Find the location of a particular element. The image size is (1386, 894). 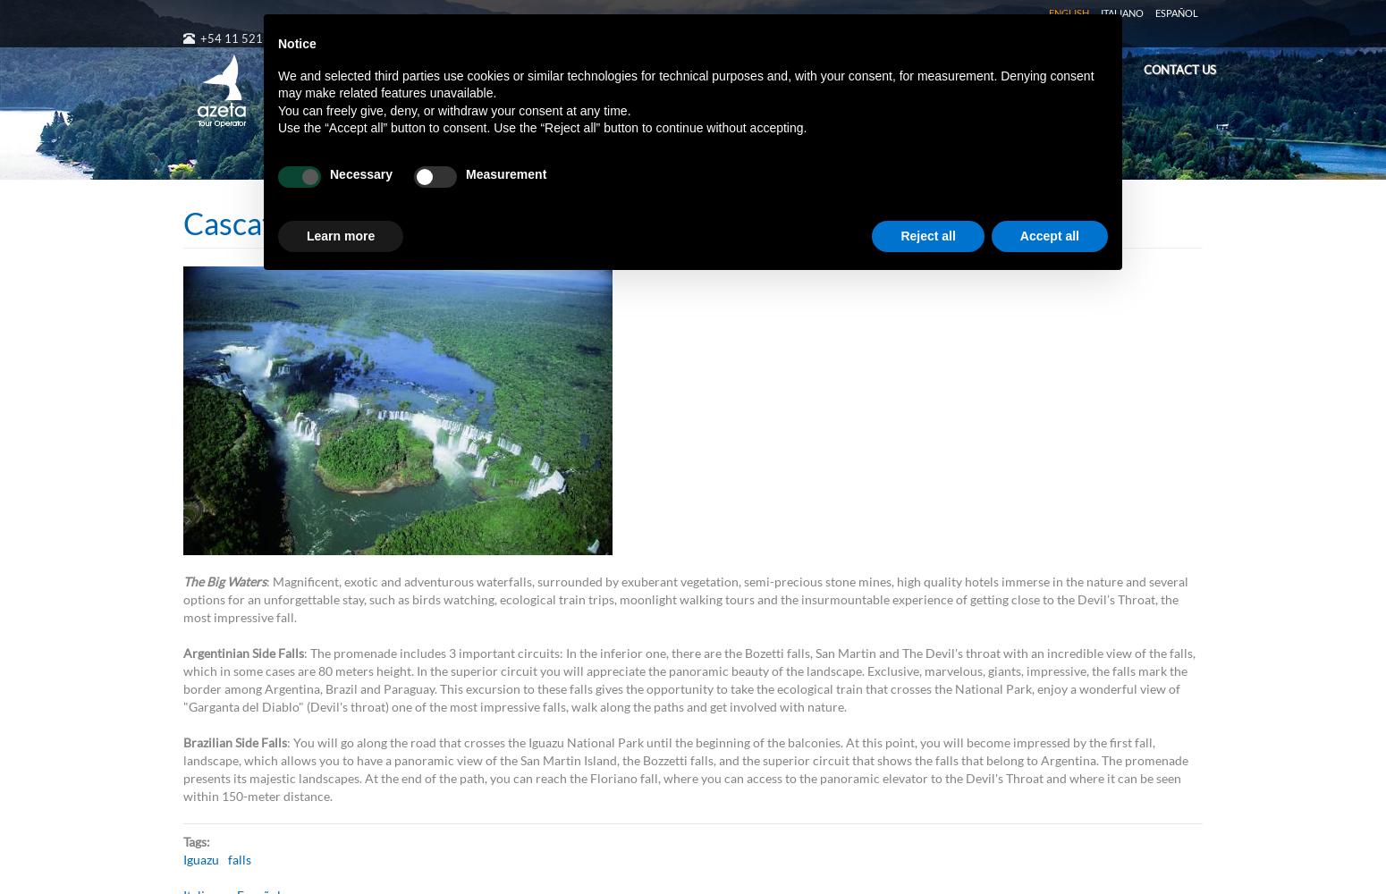

'Use the “Accept all” button to consent. Use the “Reject all” button to continue without accepting.' is located at coordinates (542, 128).